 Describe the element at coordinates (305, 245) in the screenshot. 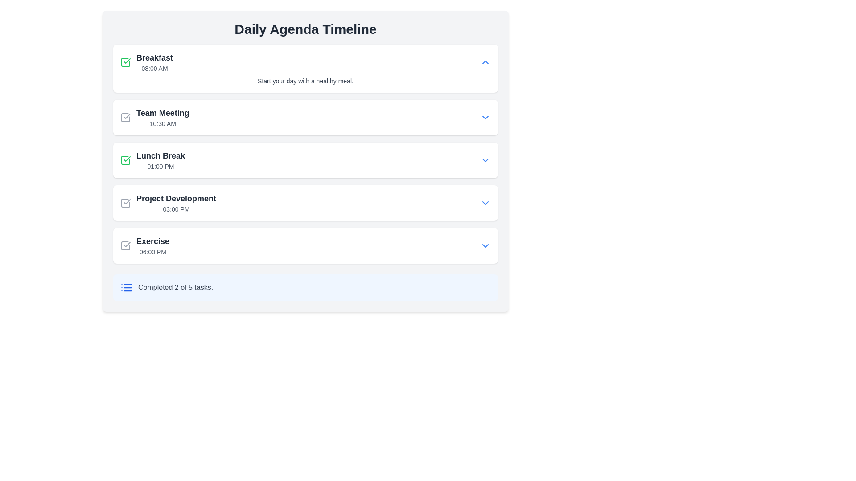

I see `the scheduled event row named 'Exercise' at 6:00 PM in the timeline, which includes a chevron button for expanding details` at that location.